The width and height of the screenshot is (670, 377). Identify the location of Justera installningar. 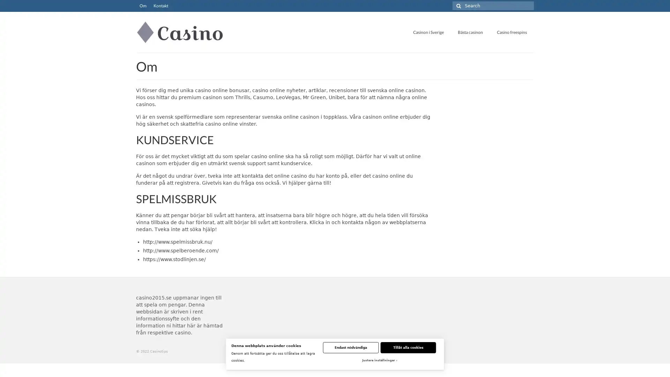
(379, 361).